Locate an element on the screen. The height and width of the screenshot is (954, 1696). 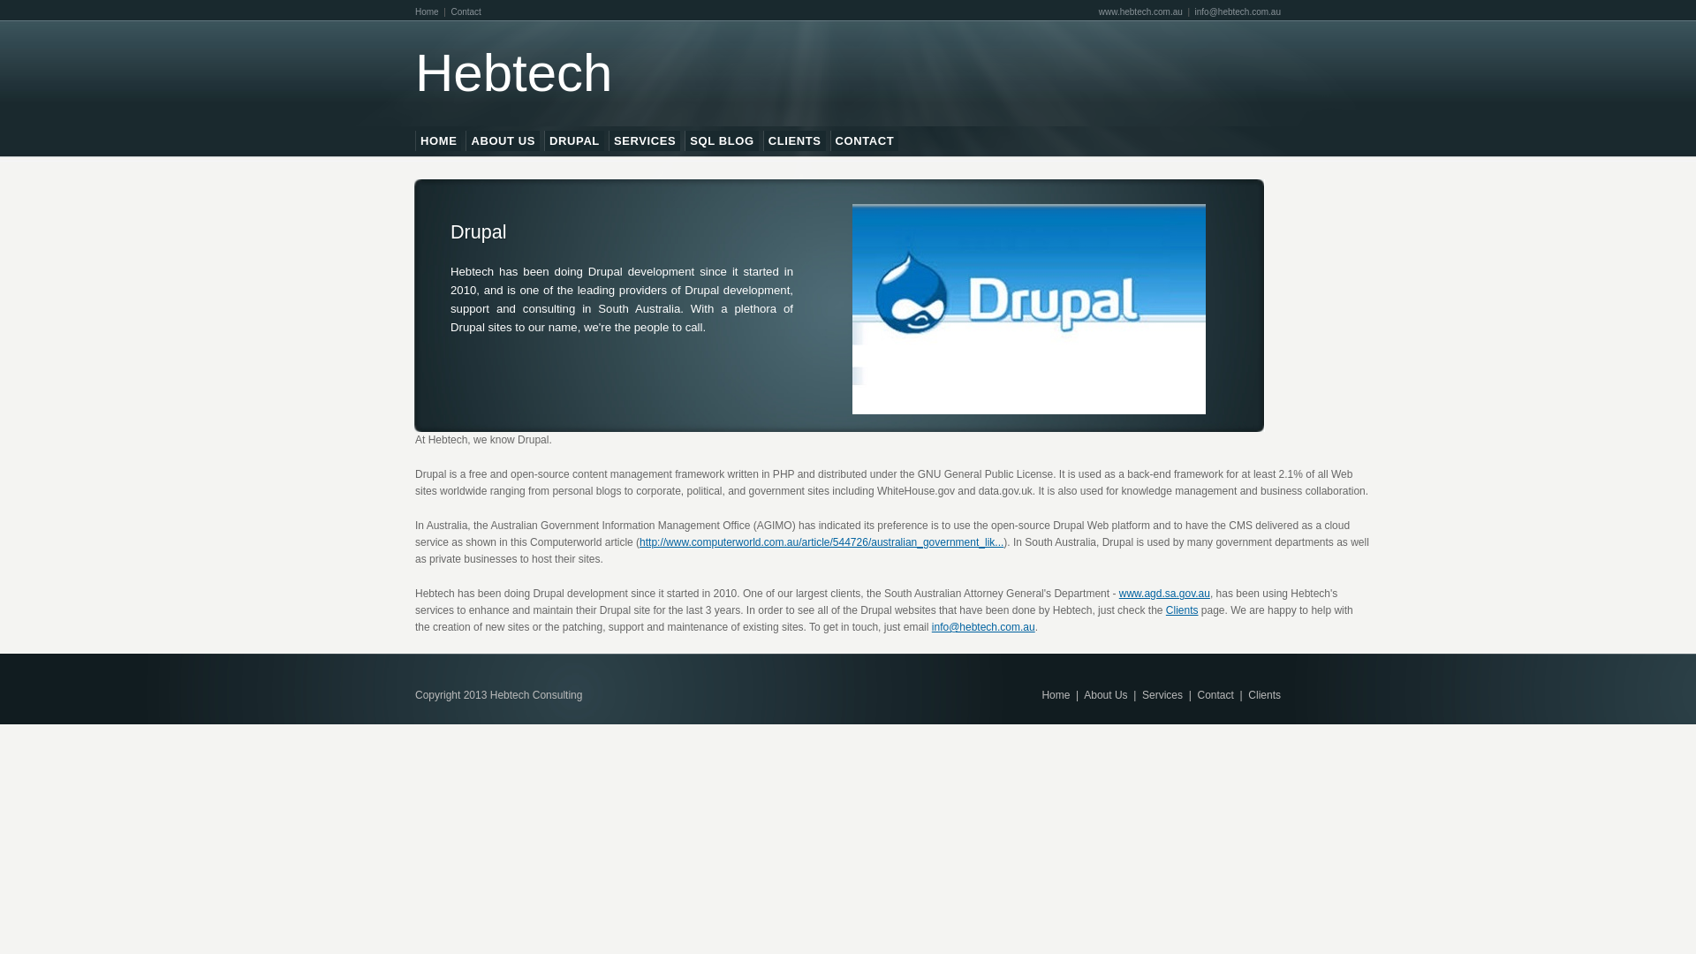
'www.hebtech.com.au' is located at coordinates (1140, 11).